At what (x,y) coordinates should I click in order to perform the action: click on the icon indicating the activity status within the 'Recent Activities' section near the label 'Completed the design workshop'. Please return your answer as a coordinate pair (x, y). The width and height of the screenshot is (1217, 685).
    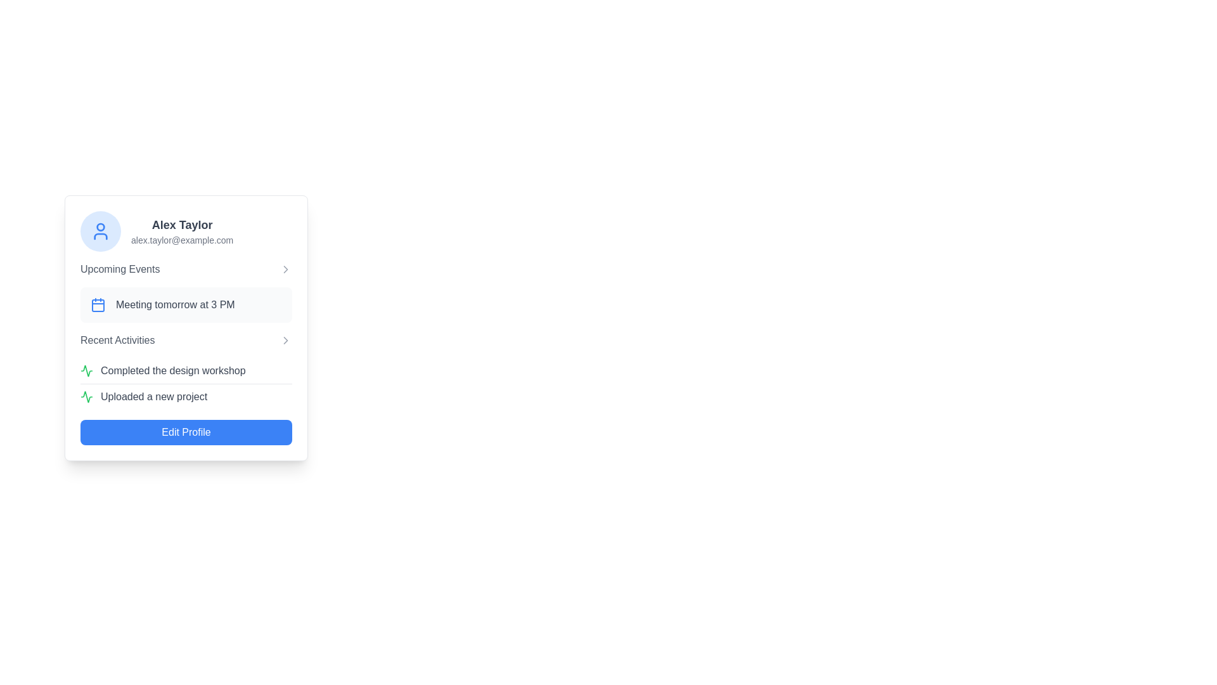
    Looking at the image, I should click on (86, 396).